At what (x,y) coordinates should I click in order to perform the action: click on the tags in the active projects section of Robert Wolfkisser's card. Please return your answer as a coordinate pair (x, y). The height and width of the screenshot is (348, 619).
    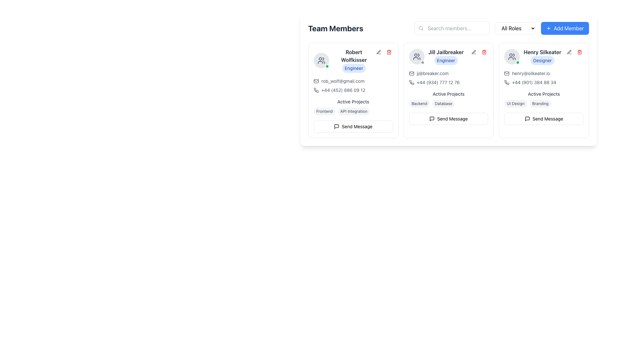
    Looking at the image, I should click on (353, 106).